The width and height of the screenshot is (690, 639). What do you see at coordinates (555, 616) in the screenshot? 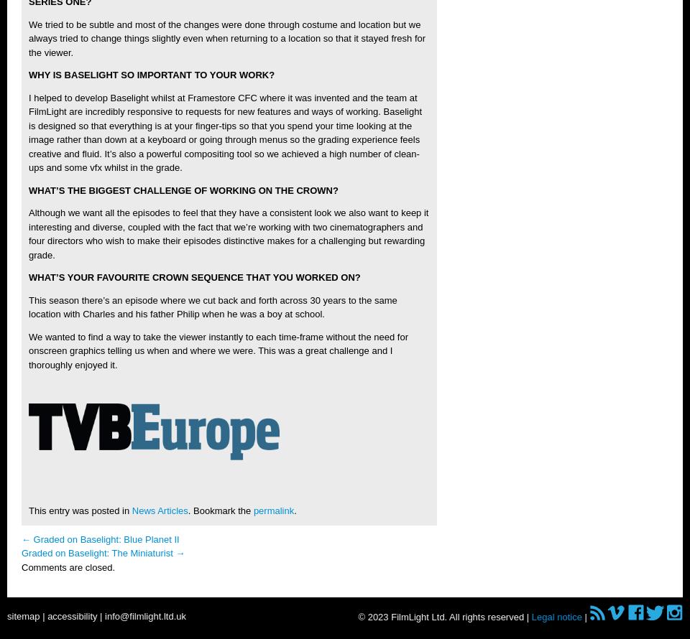
I see `'Legal notice'` at bounding box center [555, 616].